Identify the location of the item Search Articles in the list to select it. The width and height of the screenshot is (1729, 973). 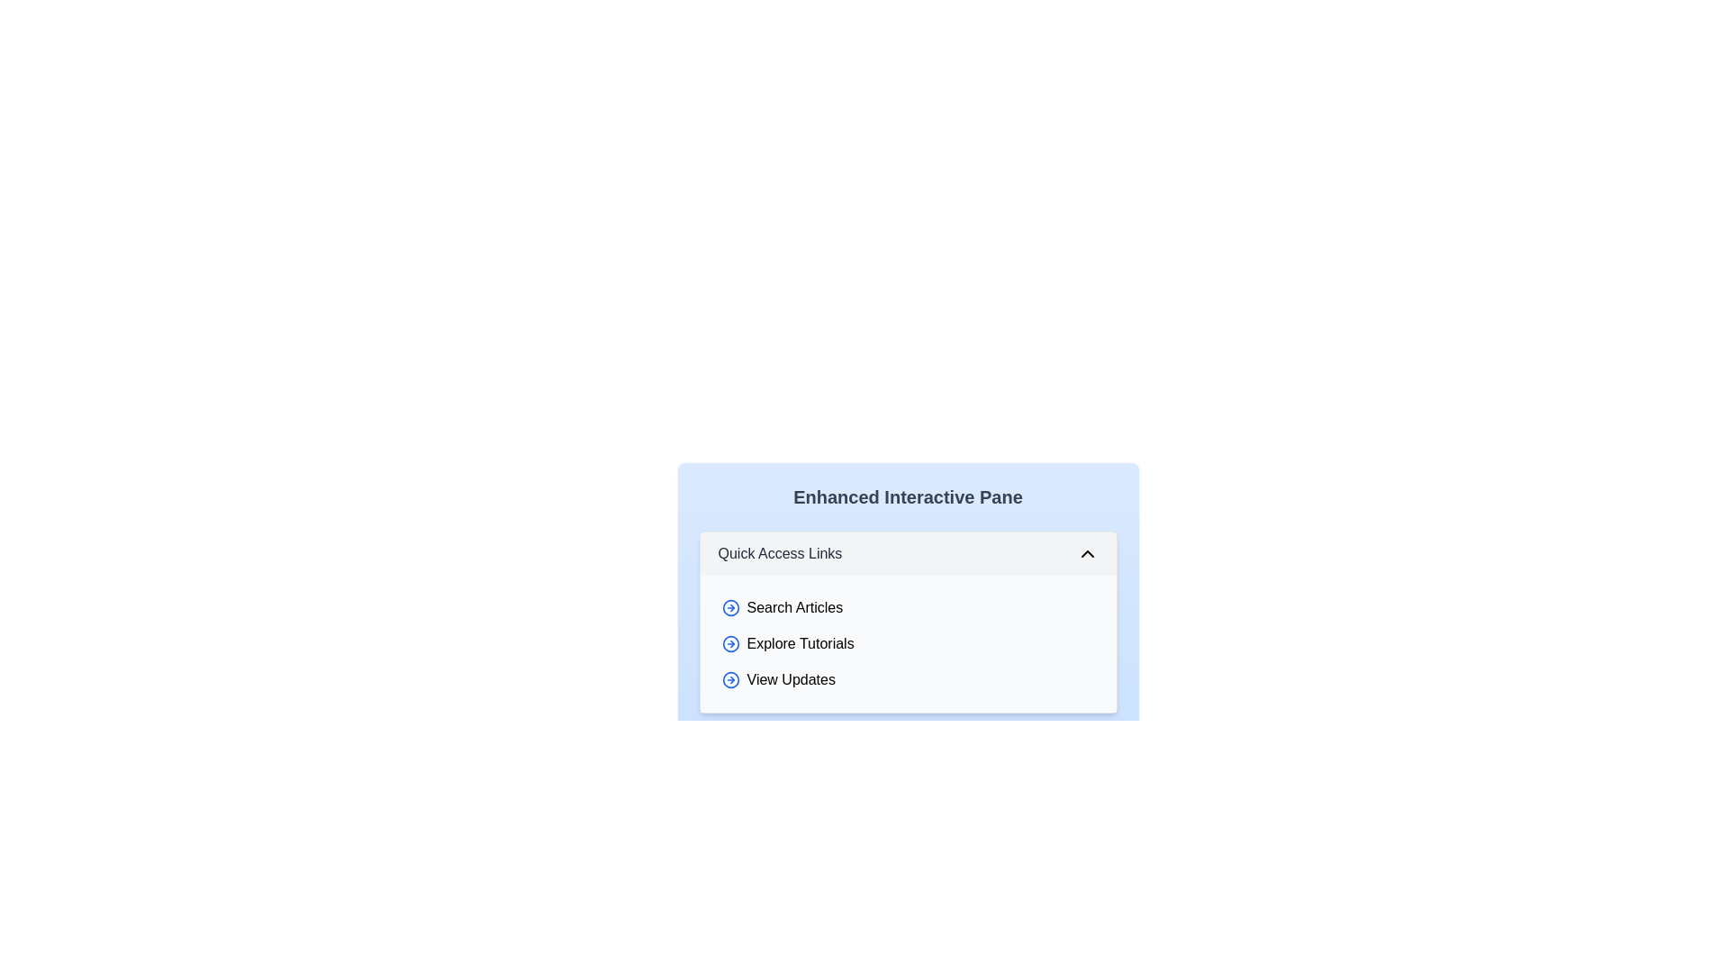
(908, 608).